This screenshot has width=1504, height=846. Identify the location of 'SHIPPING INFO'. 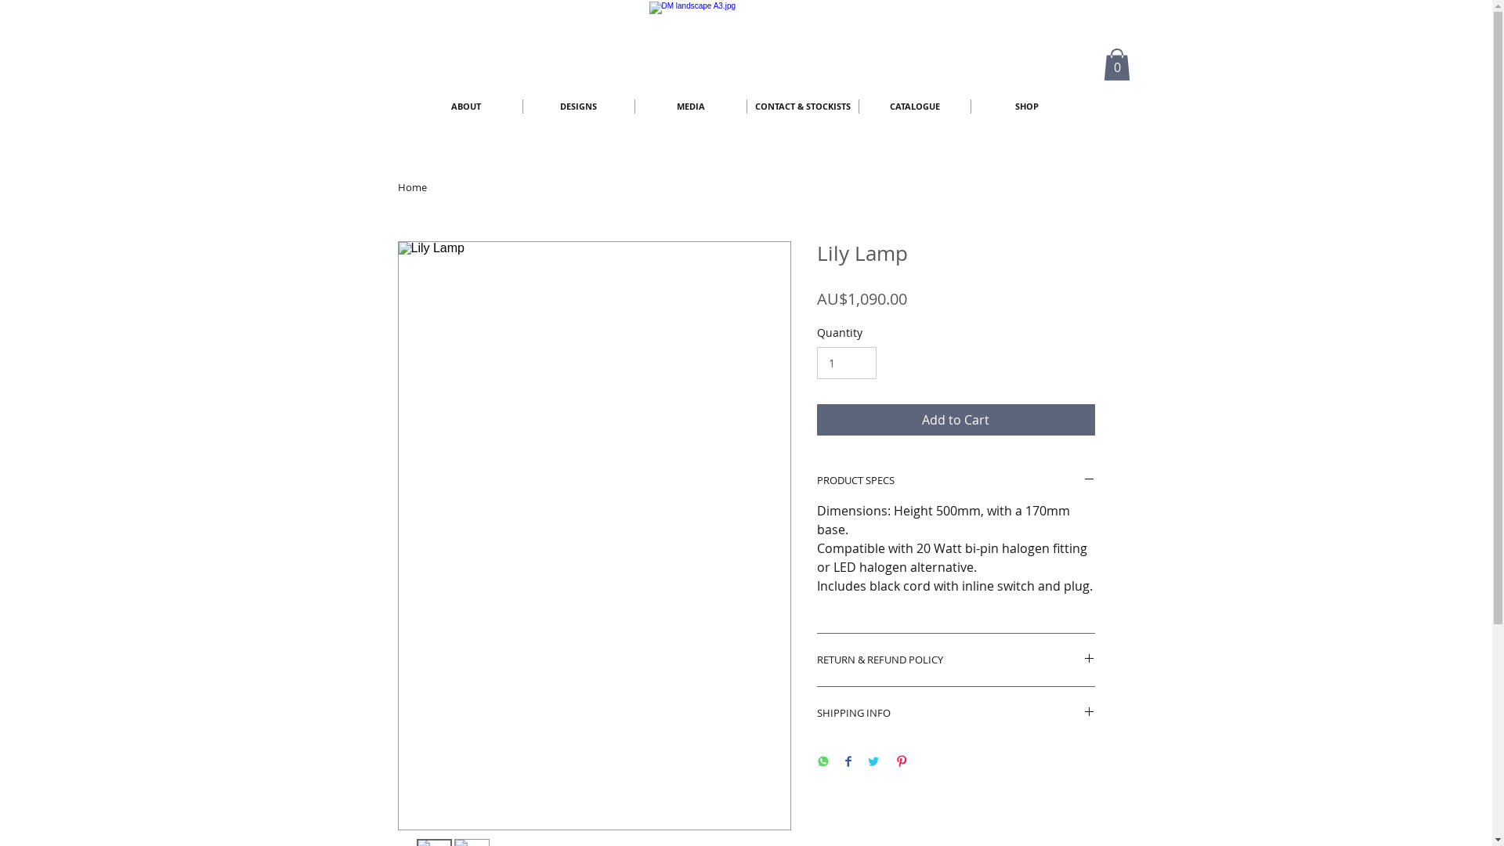
(954, 713).